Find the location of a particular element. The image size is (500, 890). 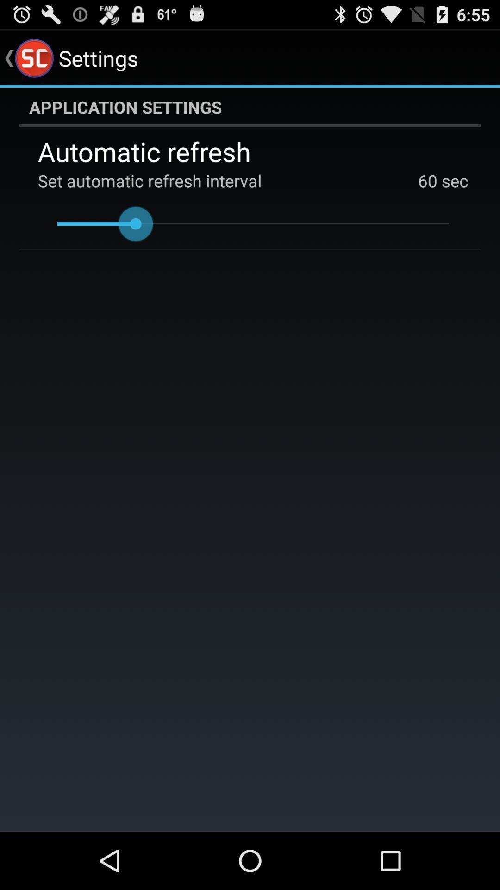

application settings is located at coordinates (250, 107).